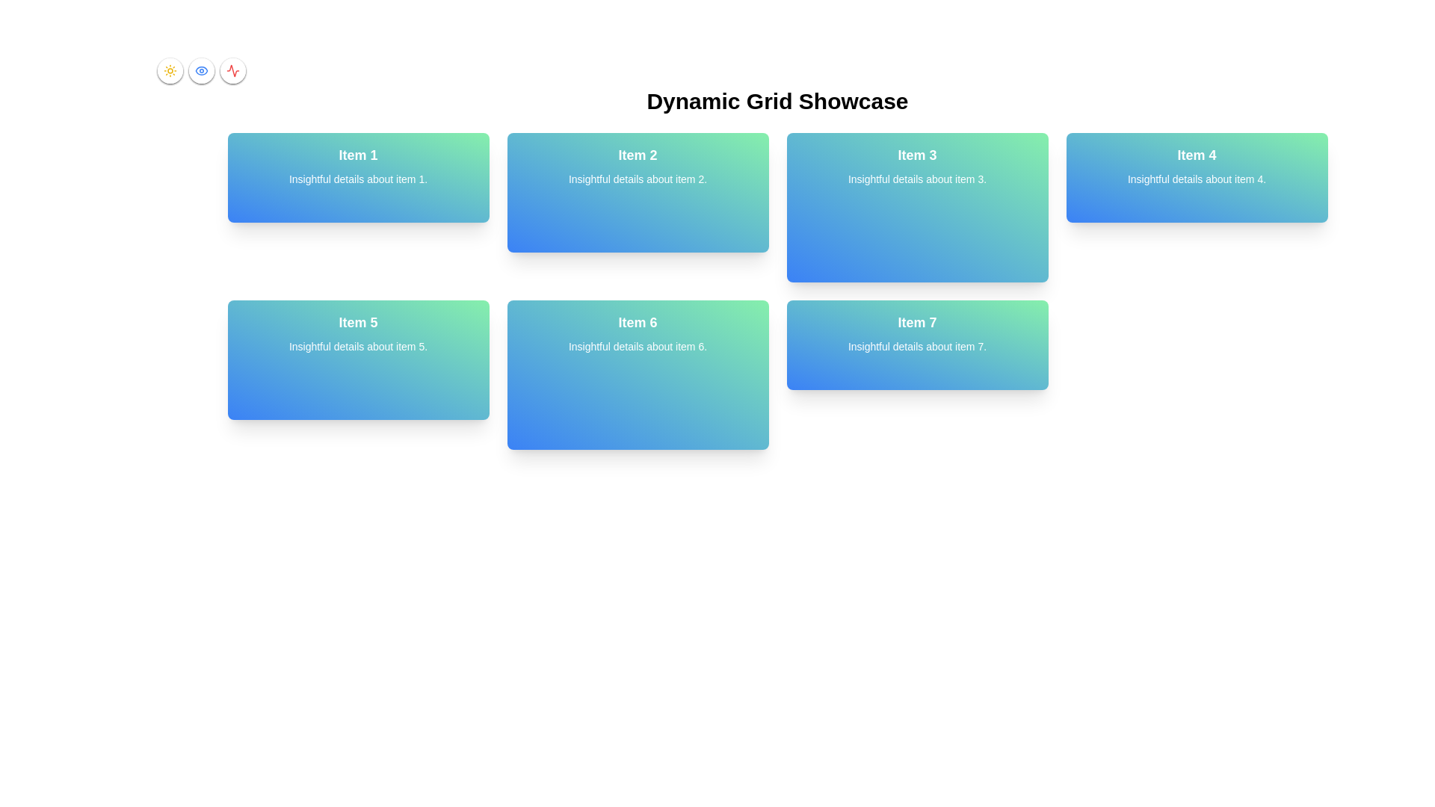  I want to click on the Text label that provides descriptive information about the item in the card labeled 'Item 1', located as the second line of text below the bold 'Item 1' label, so click(357, 178).